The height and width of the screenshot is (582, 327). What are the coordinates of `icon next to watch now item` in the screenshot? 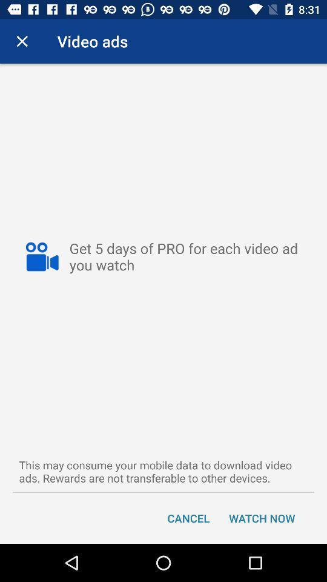 It's located at (188, 517).